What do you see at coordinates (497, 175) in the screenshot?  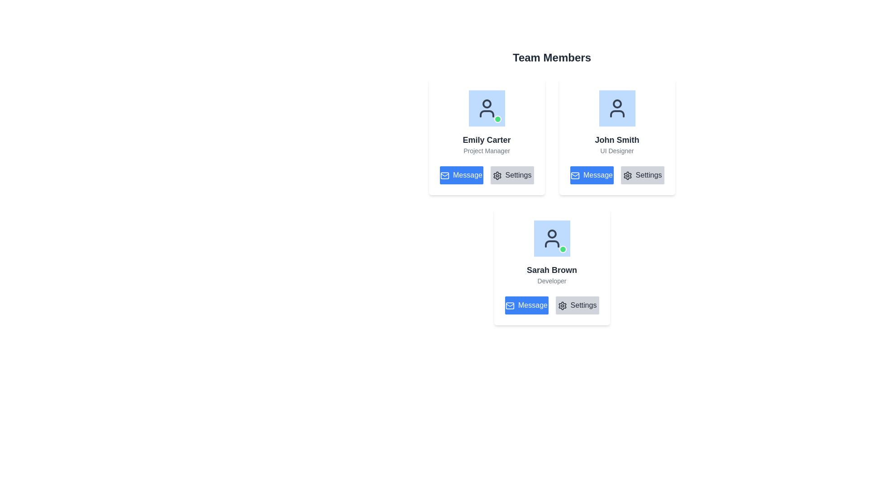 I see `the gear icon within the 'Settings' button on Emily Carter's profile card, which is the first graphical icon adjacent to the 'Message' button` at bounding box center [497, 175].